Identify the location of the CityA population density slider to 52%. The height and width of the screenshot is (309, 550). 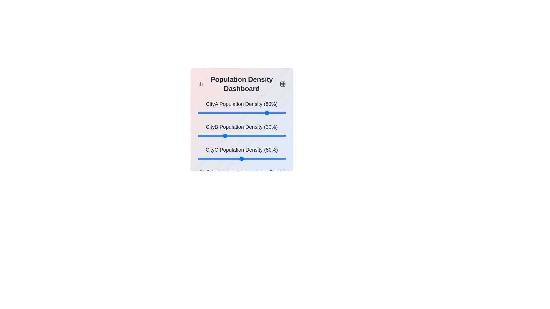
(243, 113).